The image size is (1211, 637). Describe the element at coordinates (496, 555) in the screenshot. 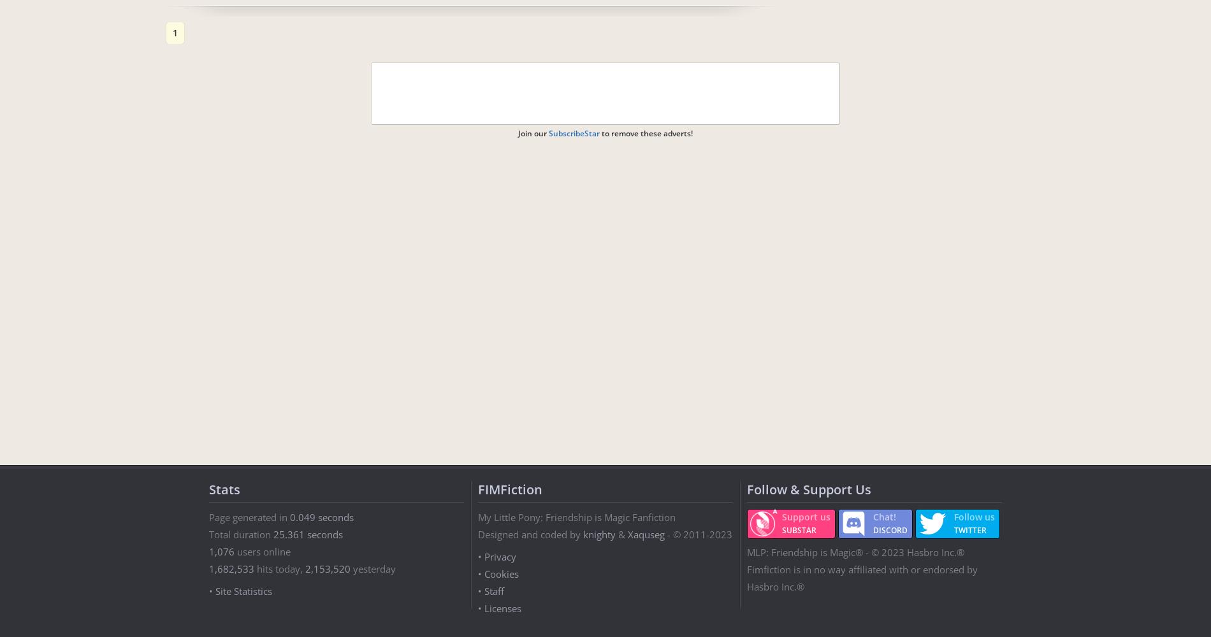

I see `'• Privacy'` at that location.